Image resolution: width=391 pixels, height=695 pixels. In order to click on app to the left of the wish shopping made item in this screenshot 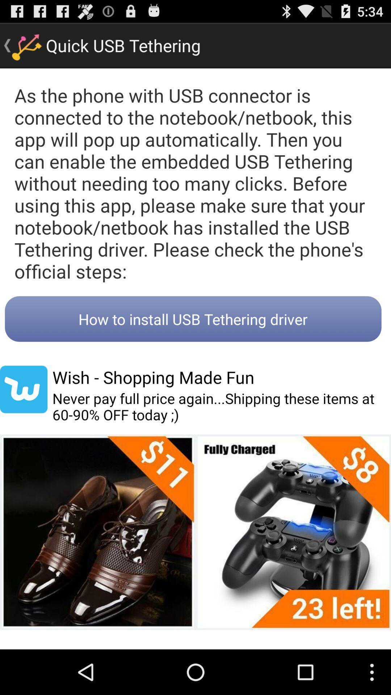, I will do `click(23, 389)`.